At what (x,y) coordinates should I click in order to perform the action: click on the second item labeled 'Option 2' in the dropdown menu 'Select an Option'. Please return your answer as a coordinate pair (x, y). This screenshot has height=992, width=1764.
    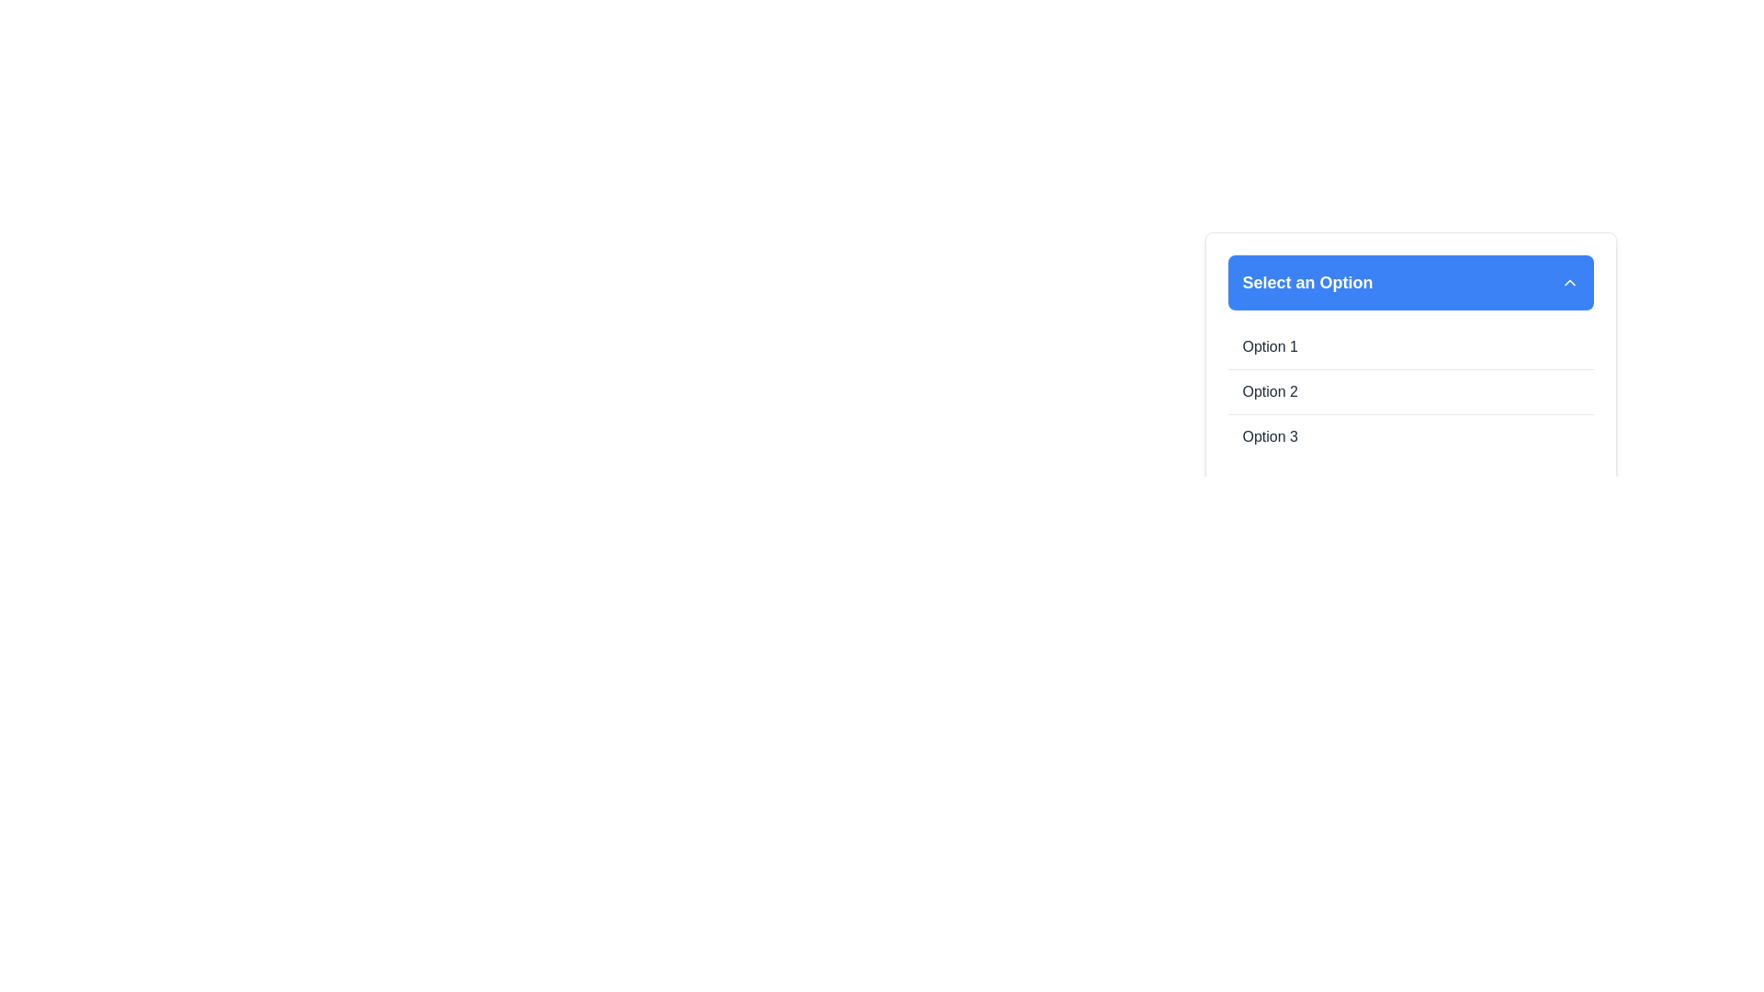
    Looking at the image, I should click on (1409, 390).